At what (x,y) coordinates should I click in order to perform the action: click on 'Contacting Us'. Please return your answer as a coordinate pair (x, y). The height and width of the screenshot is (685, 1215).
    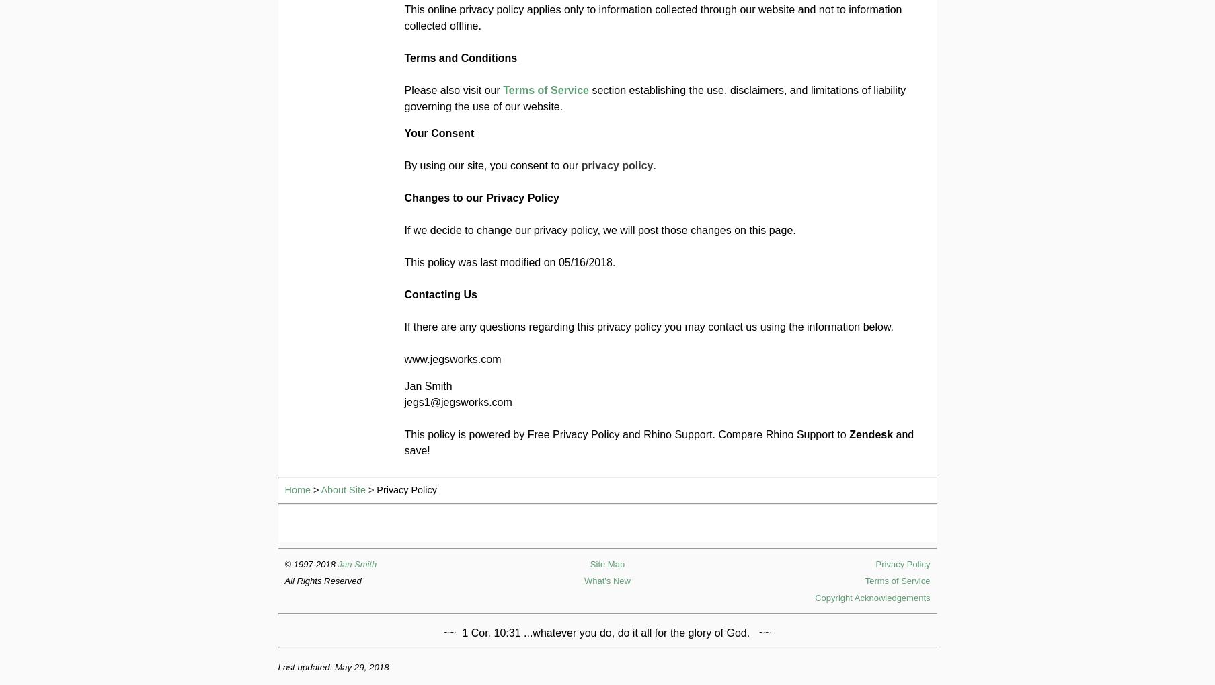
    Looking at the image, I should click on (440, 294).